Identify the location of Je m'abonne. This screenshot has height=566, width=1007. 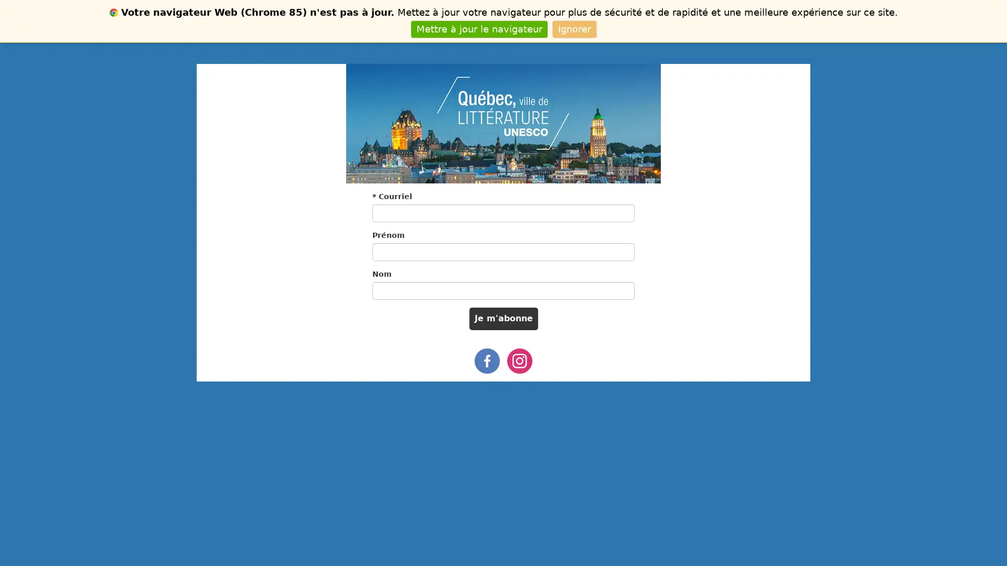
(502, 318).